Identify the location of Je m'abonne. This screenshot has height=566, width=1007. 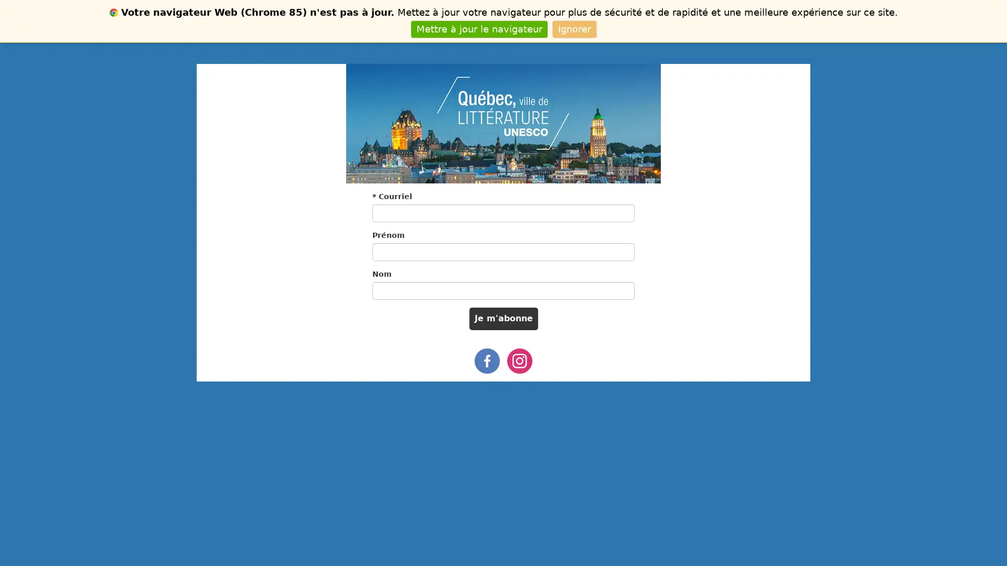
(502, 318).